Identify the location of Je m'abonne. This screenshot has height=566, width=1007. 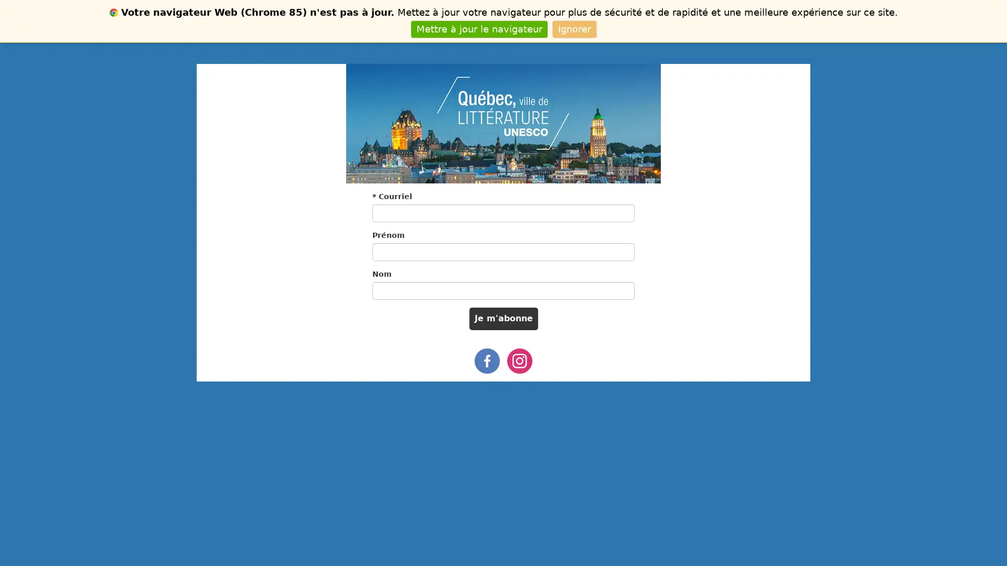
(502, 318).